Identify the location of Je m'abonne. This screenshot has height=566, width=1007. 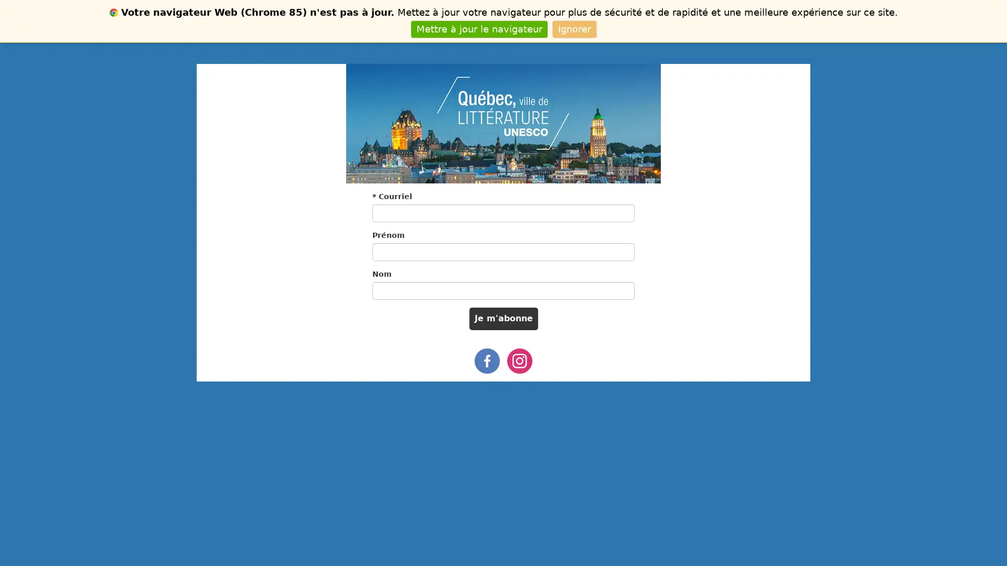
(502, 318).